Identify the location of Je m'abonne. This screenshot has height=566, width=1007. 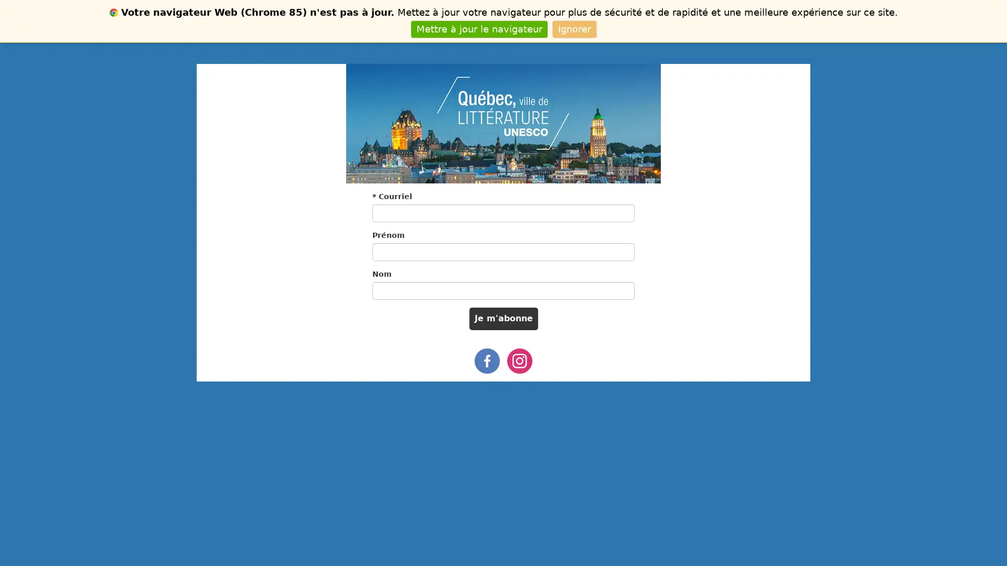
(502, 318).